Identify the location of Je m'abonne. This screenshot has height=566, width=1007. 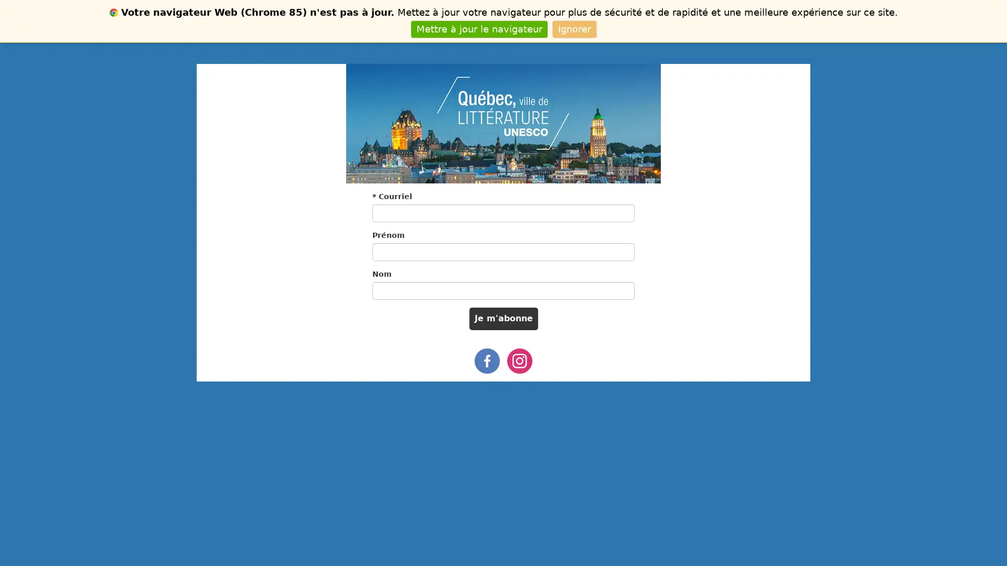
(502, 318).